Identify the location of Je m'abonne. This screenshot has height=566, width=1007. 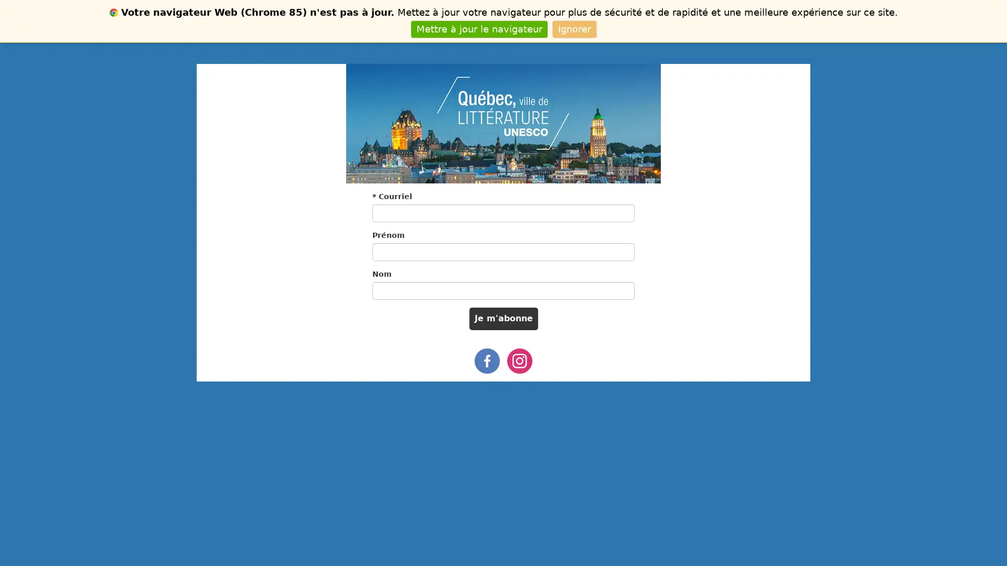
(502, 318).